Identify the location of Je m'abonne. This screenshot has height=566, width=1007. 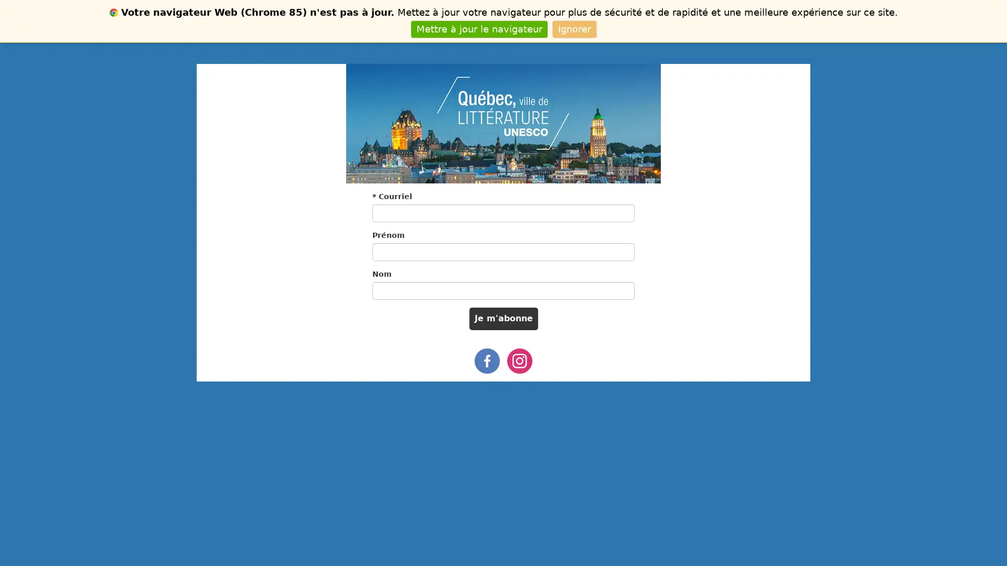
(502, 318).